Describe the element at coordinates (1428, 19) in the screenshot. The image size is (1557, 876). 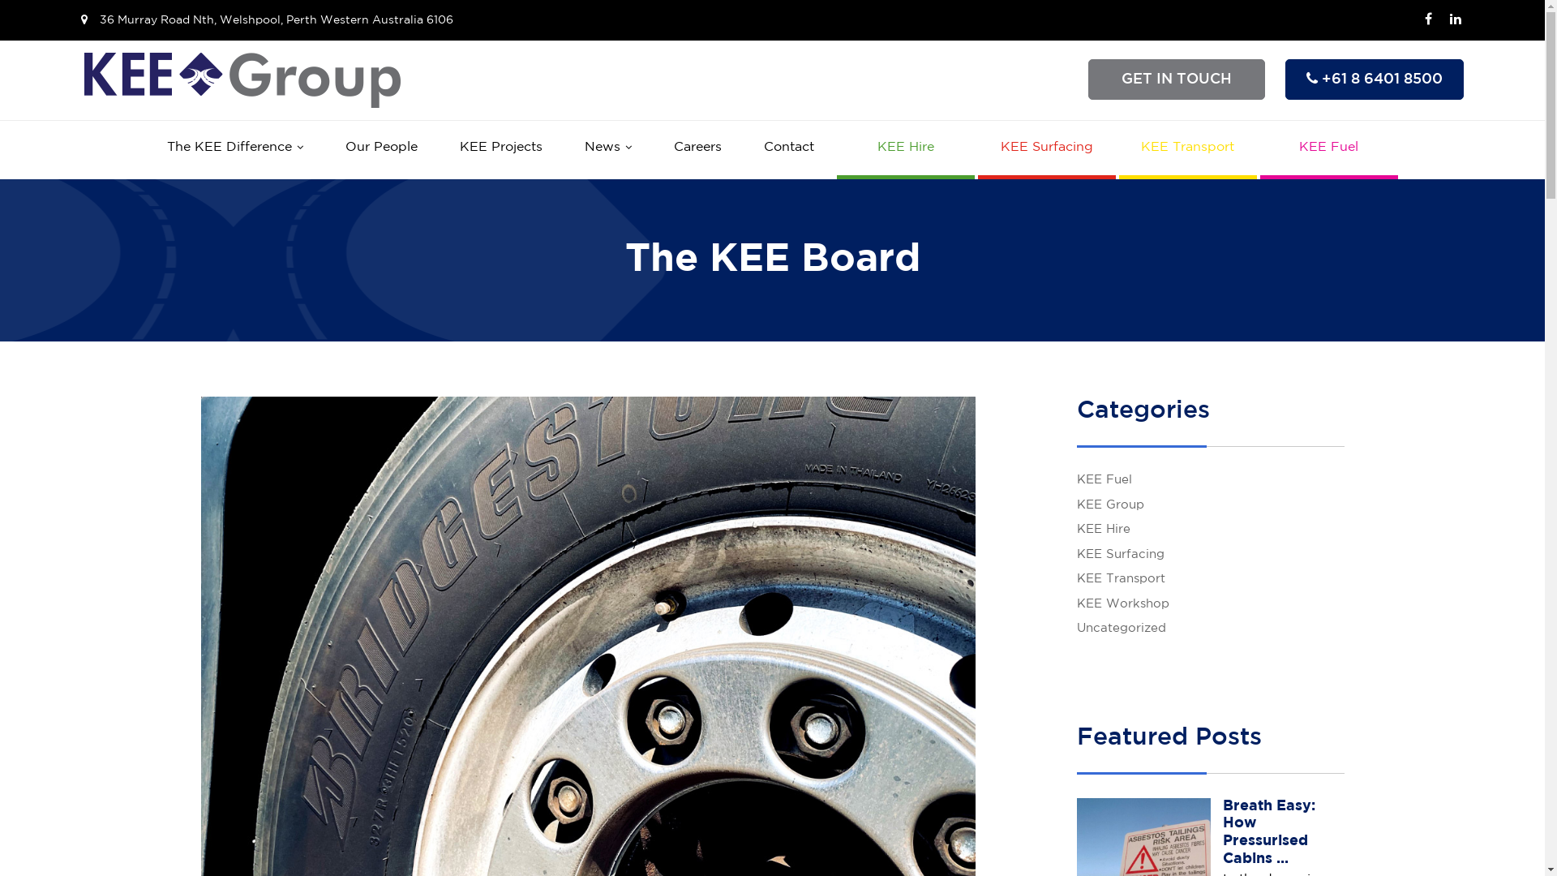
I see `'Facebook'` at that location.